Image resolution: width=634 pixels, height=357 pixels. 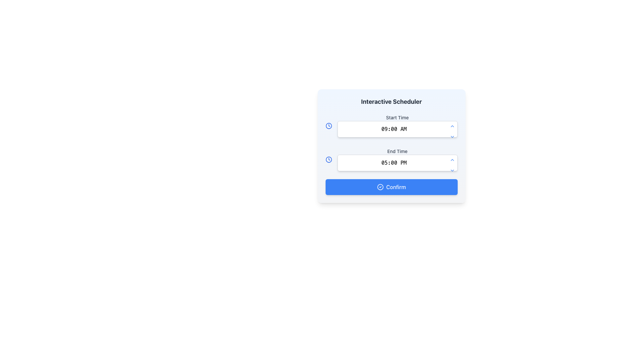 What do you see at coordinates (391, 187) in the screenshot?
I see `the confirmation button located at the bottom section of the 'Interactive Scheduler' dialog box` at bounding box center [391, 187].